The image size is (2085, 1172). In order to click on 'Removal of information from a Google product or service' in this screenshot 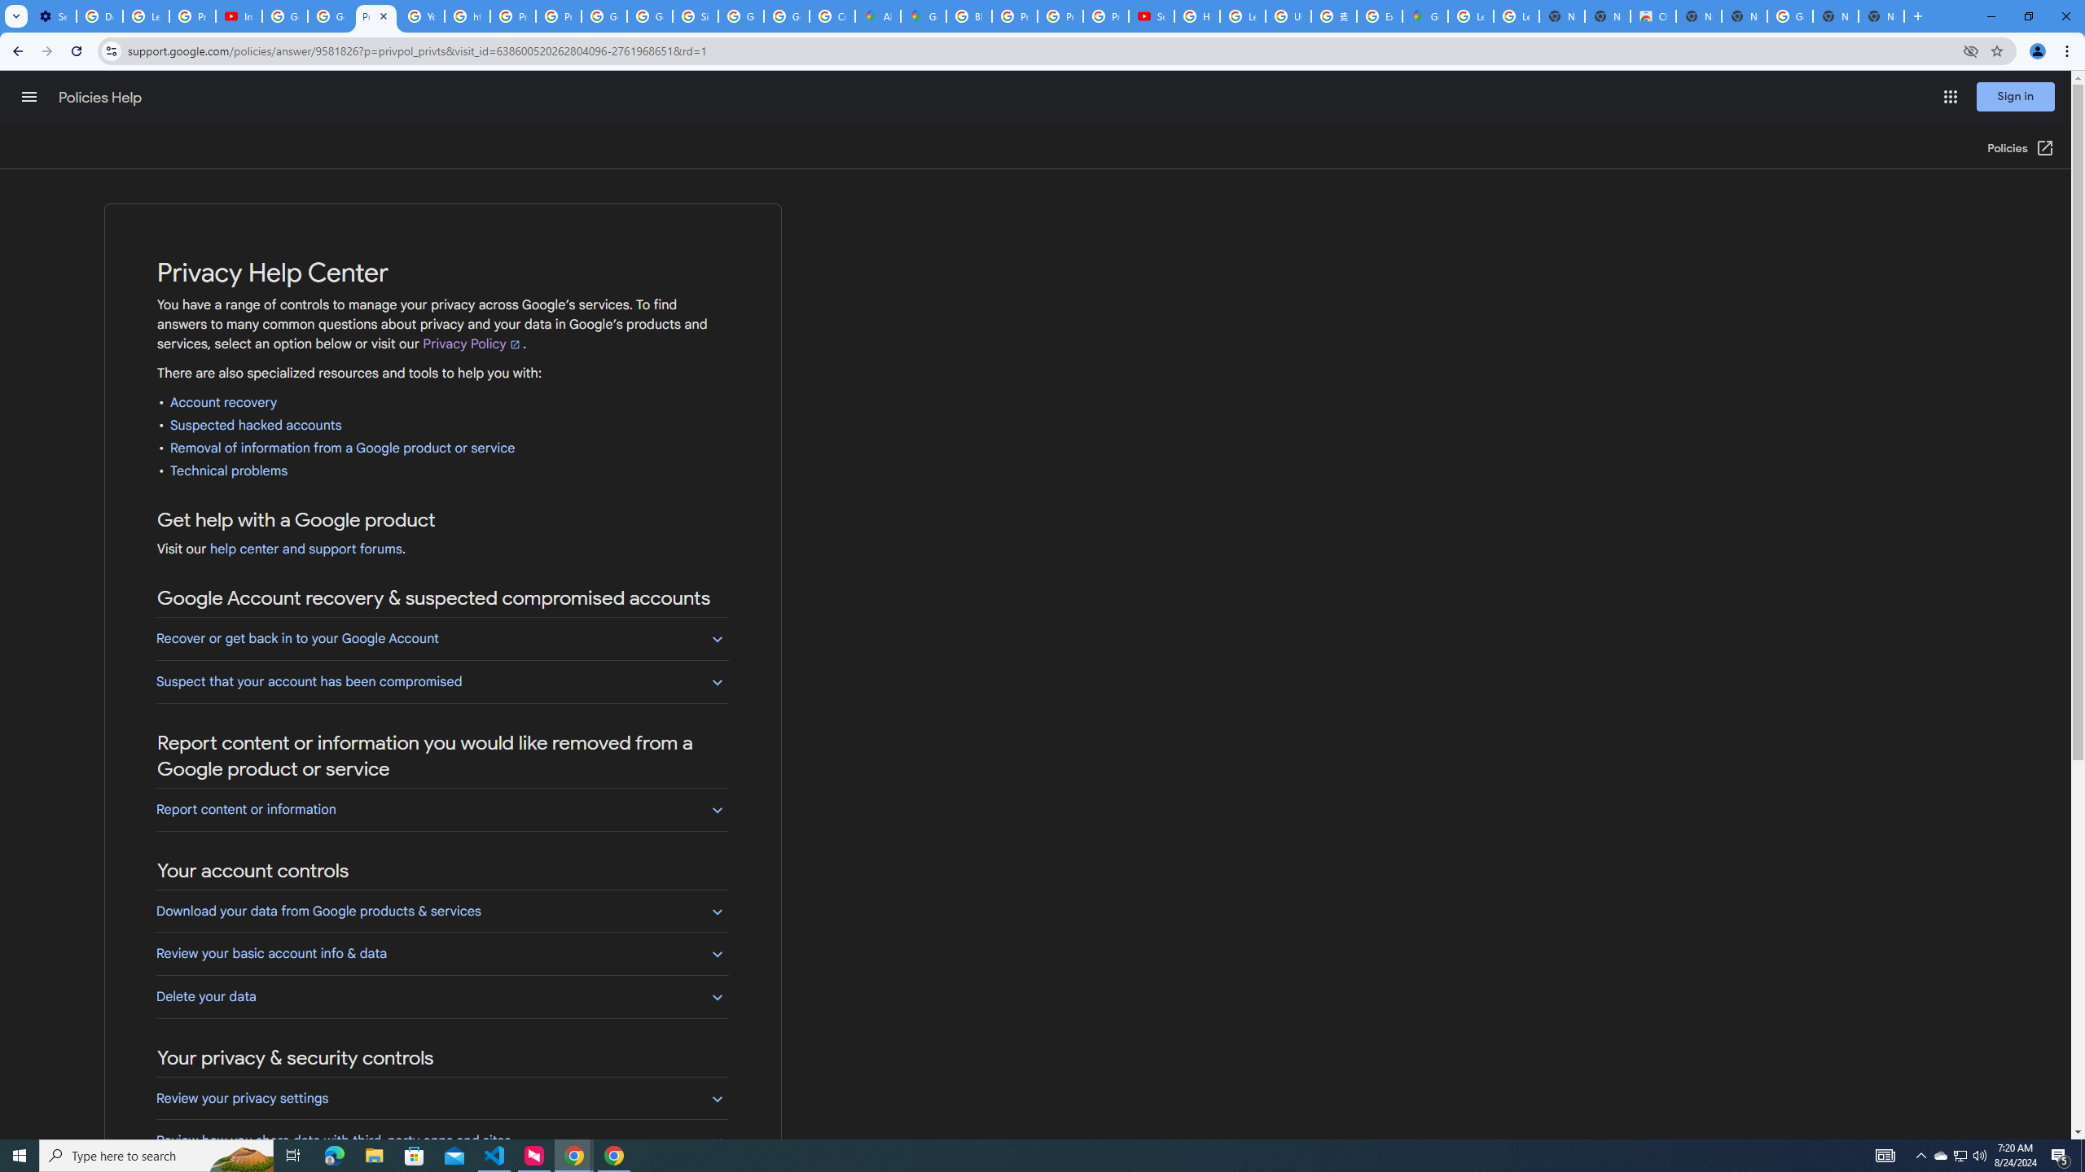, I will do `click(342, 448)`.